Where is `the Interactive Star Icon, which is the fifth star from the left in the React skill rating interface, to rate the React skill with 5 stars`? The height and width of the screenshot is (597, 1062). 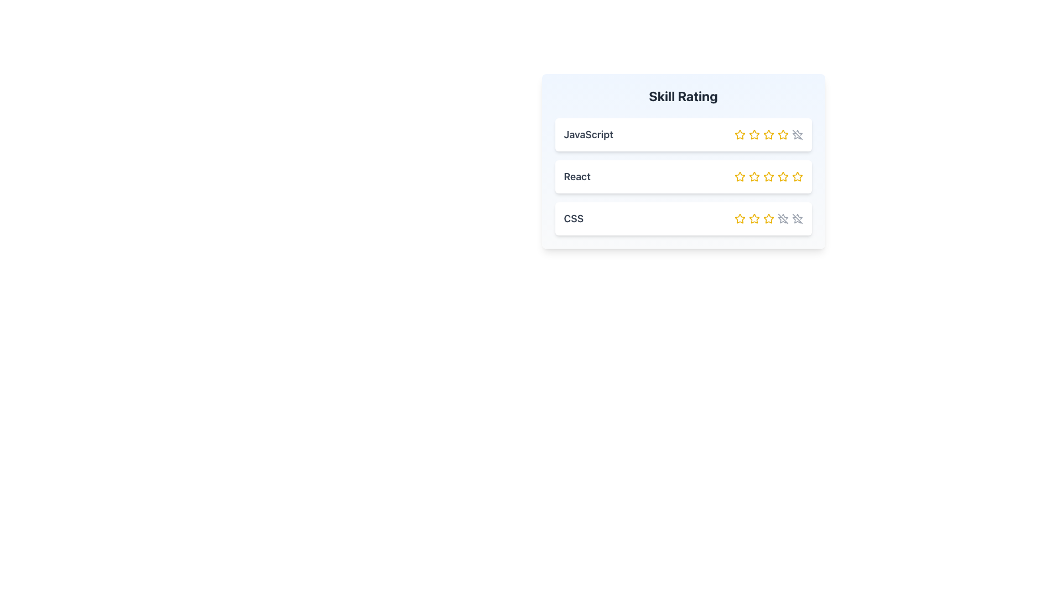 the Interactive Star Icon, which is the fifth star from the left in the React skill rating interface, to rate the React skill with 5 stars is located at coordinates (797, 176).